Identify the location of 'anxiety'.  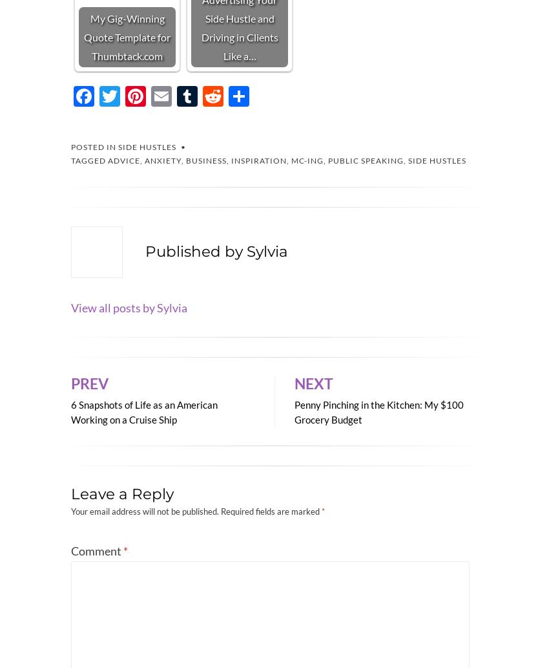
(163, 160).